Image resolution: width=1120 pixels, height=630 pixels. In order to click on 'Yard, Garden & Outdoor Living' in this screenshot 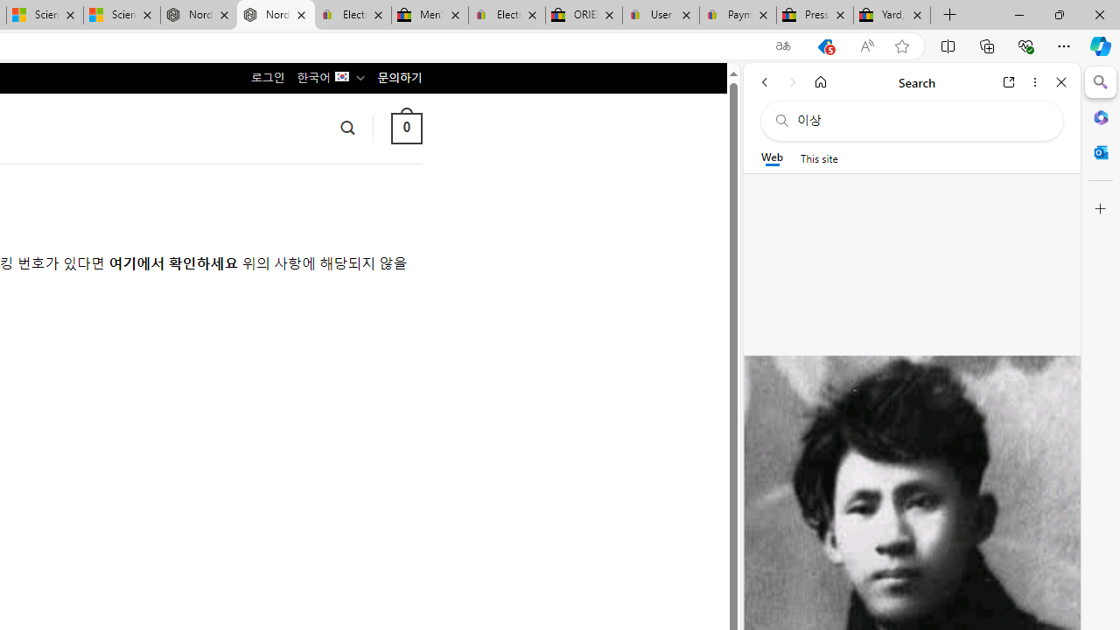, I will do `click(892, 15)`.